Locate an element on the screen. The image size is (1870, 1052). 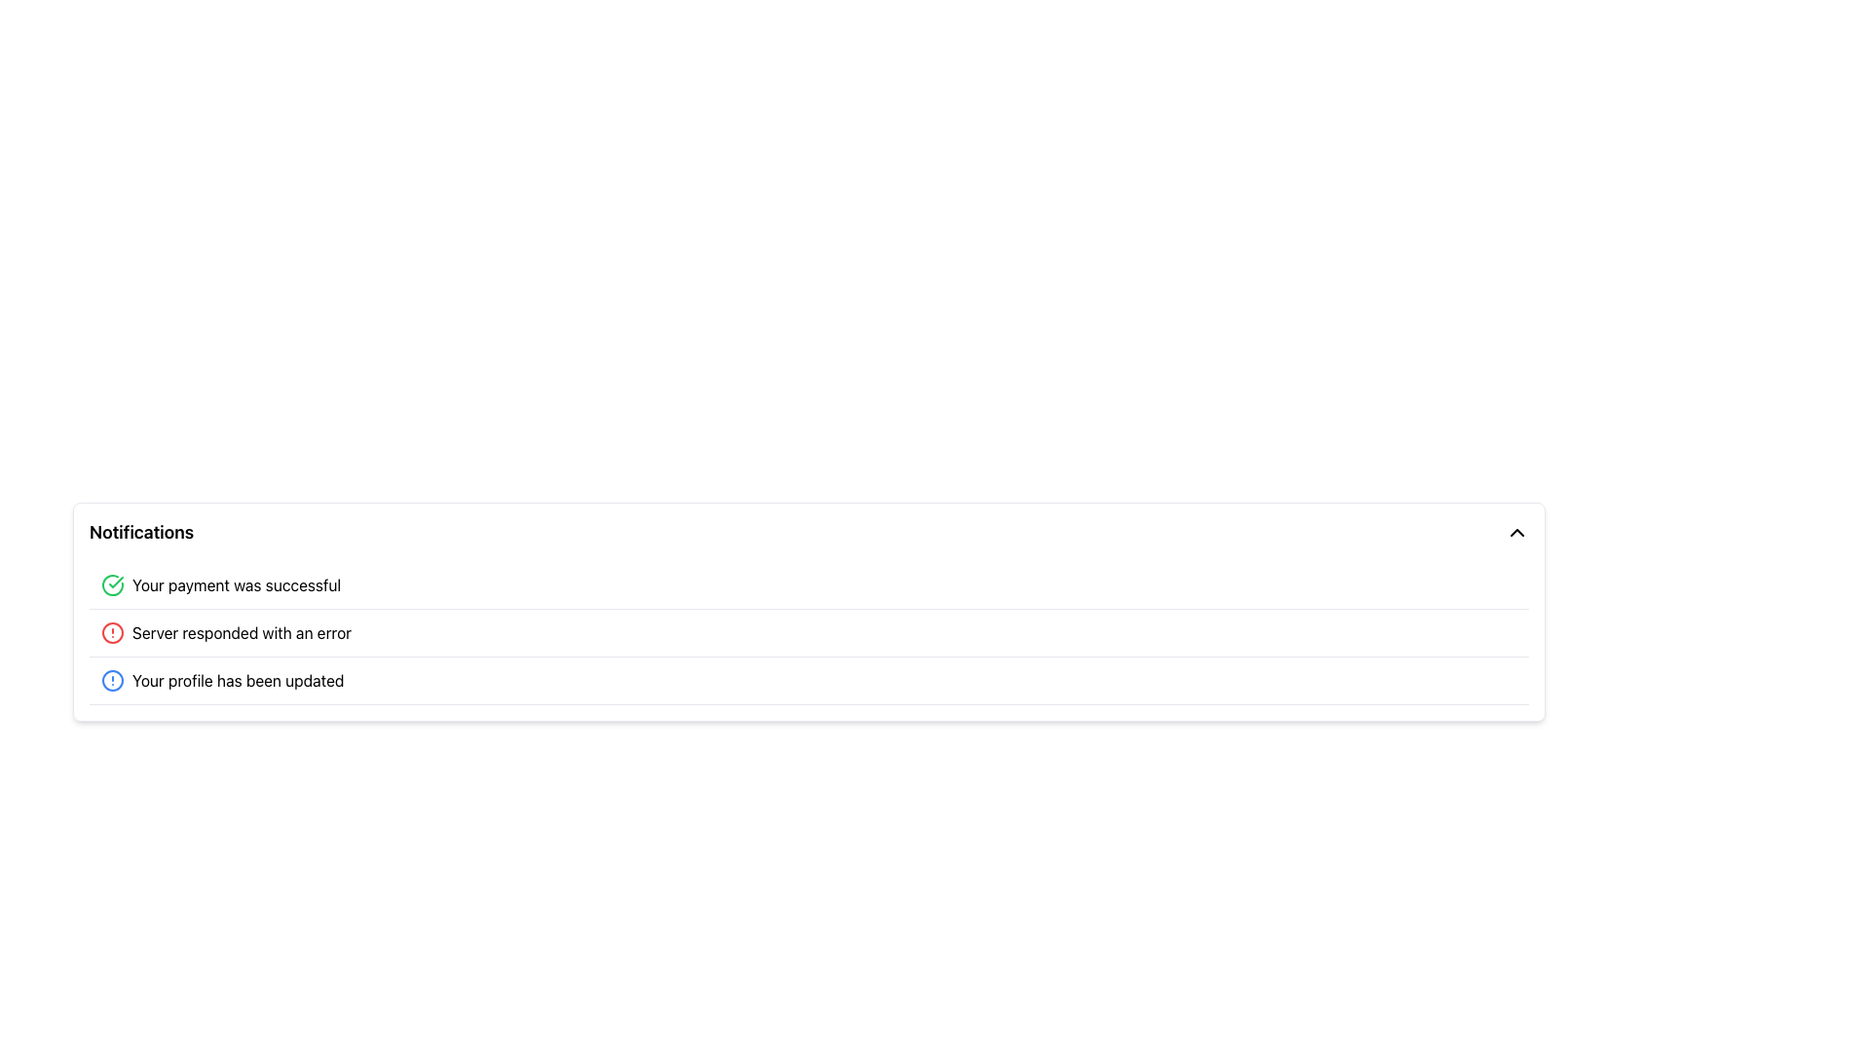
the static text confirming the successful profile update, which is the third notification in a list of notifications is located at coordinates (237, 679).